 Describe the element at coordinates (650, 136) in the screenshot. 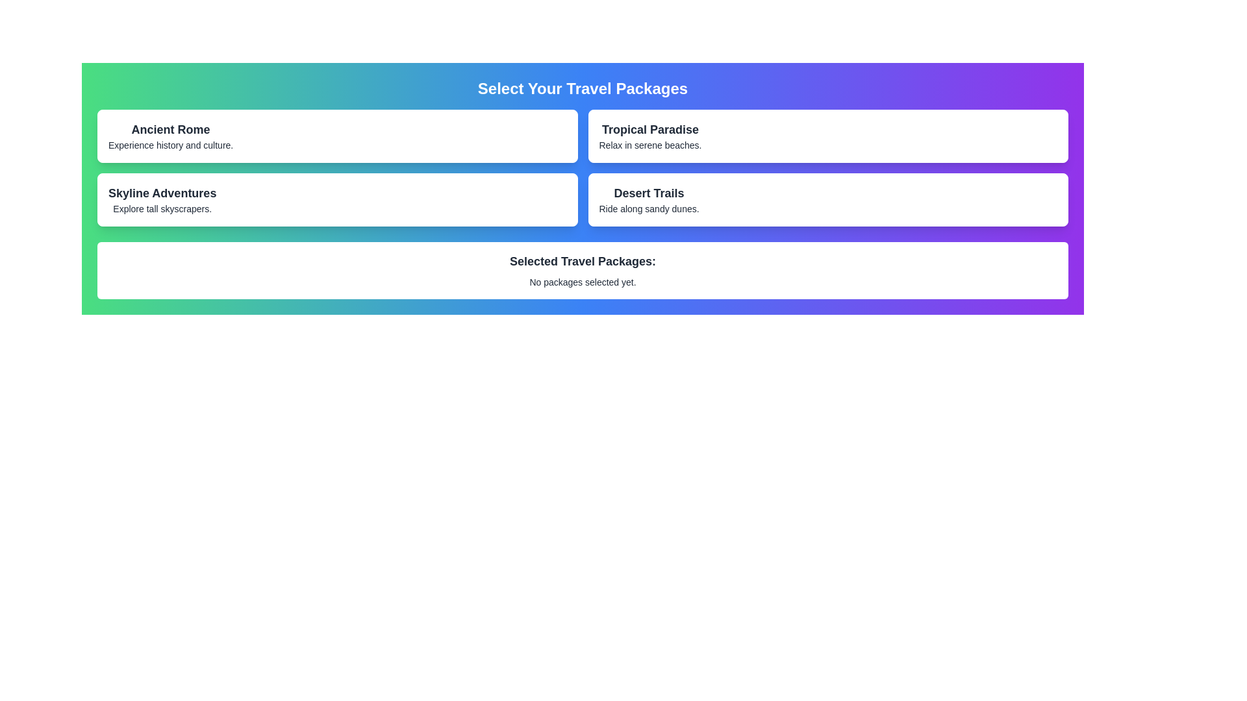

I see `the textual block labeled 'Tropical Paradise' in the upper-right corner of the application layout` at that location.